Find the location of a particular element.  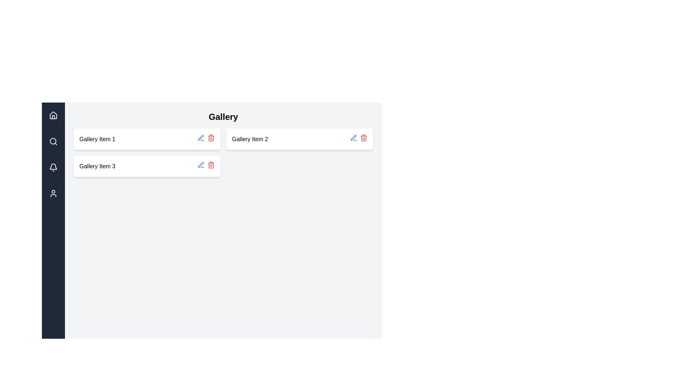

the icon button located to the right of the text 'Gallery Item 2' is located at coordinates (353, 138).